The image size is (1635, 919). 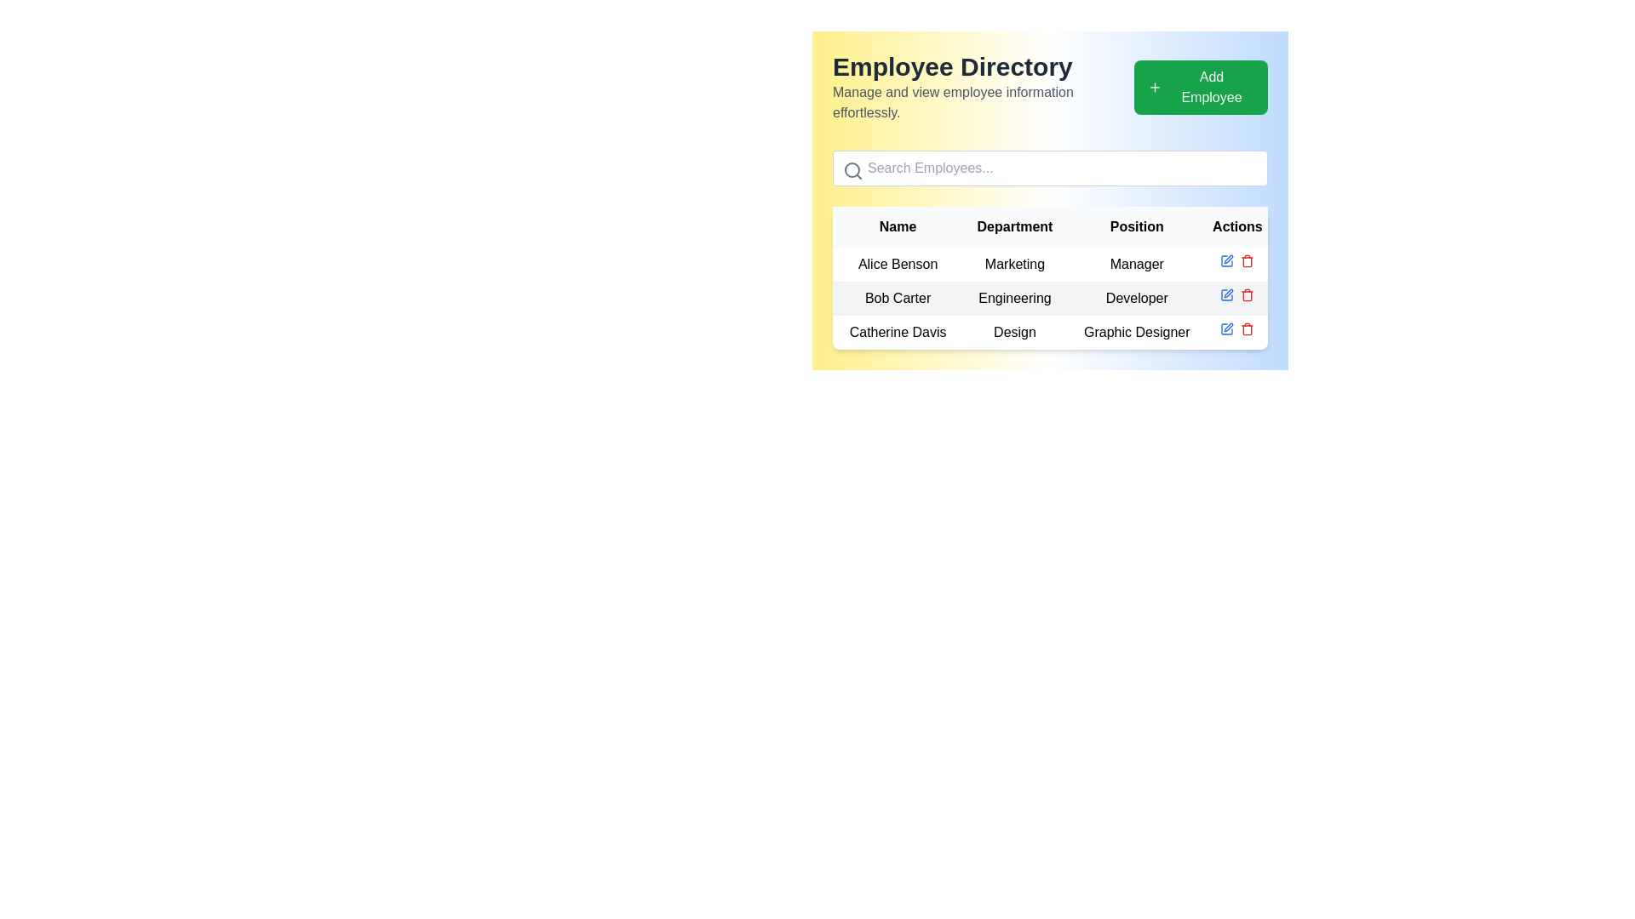 What do you see at coordinates (1237, 225) in the screenshot?
I see `the 'Actions' column header in the table, which is the fourth column header indicating user actions for the corresponding rows` at bounding box center [1237, 225].